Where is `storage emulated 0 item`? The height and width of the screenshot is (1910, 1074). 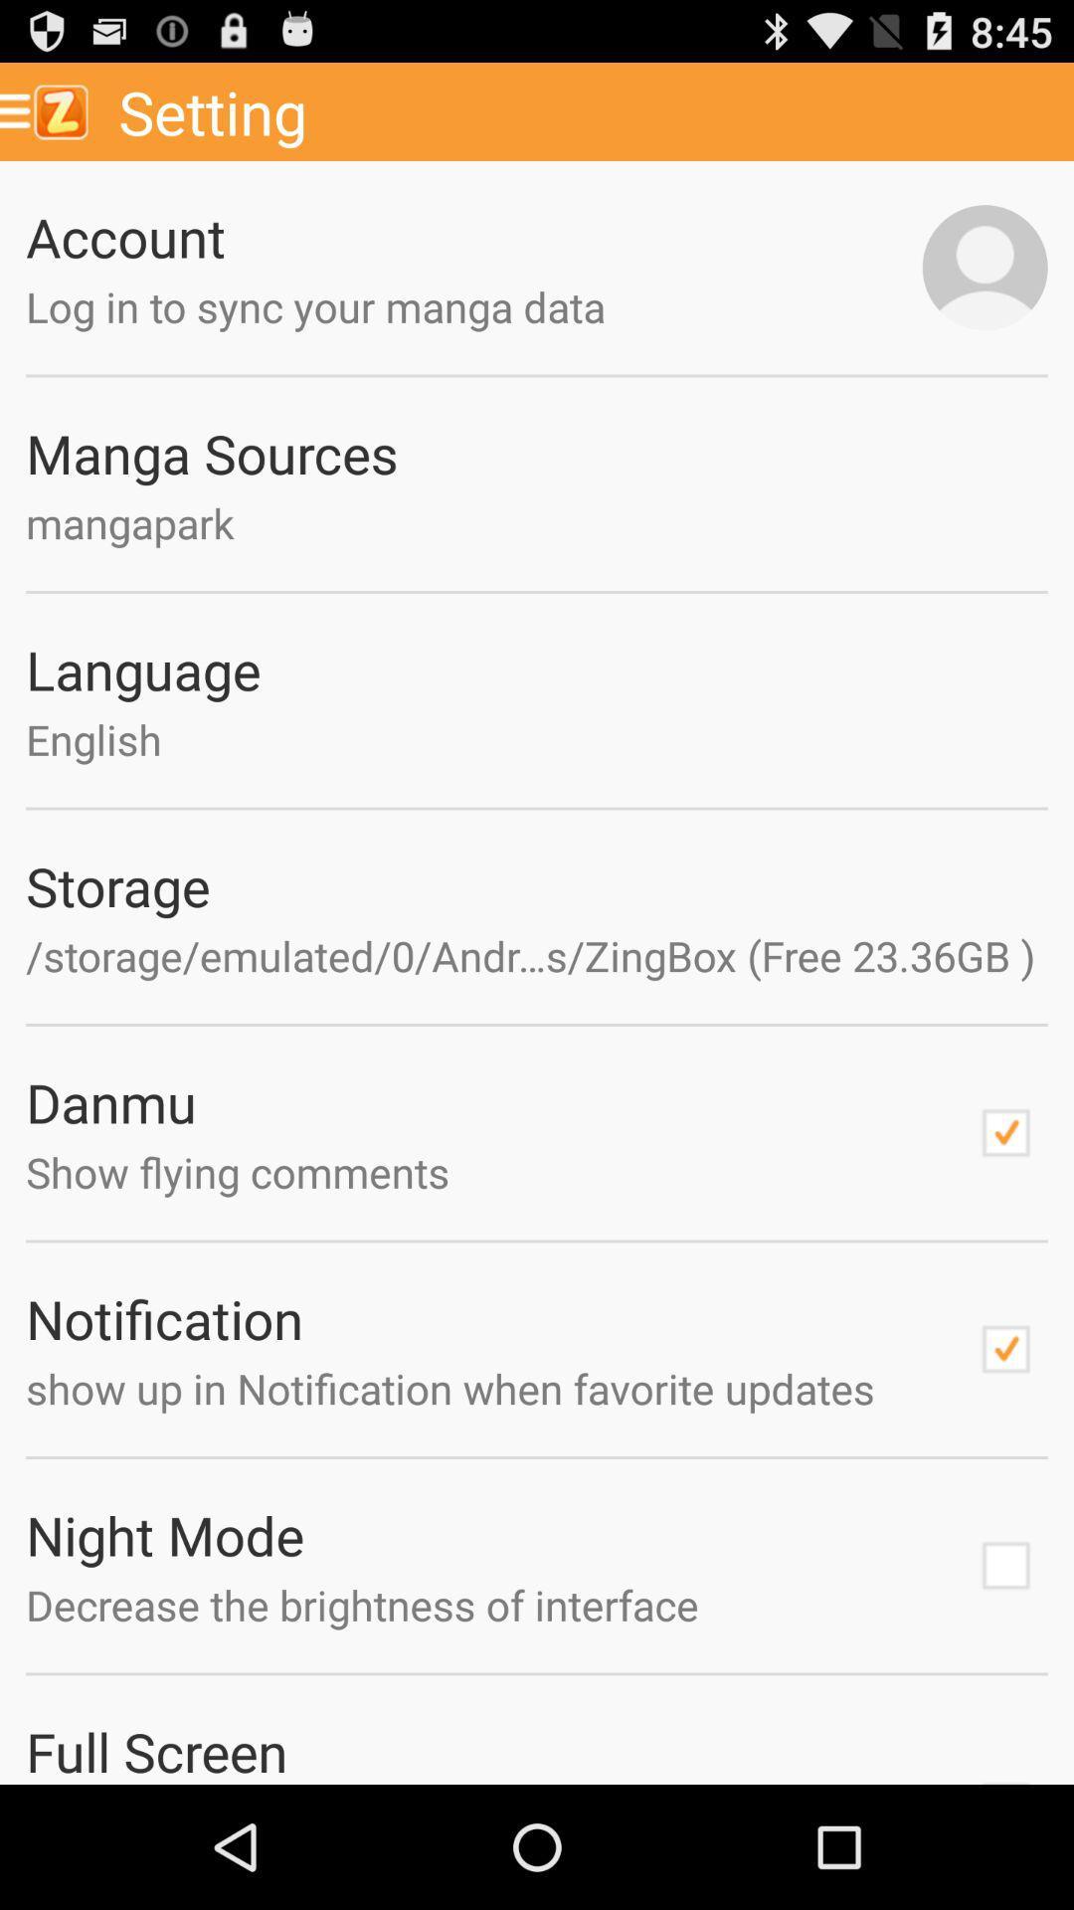
storage emulated 0 item is located at coordinates (537, 955).